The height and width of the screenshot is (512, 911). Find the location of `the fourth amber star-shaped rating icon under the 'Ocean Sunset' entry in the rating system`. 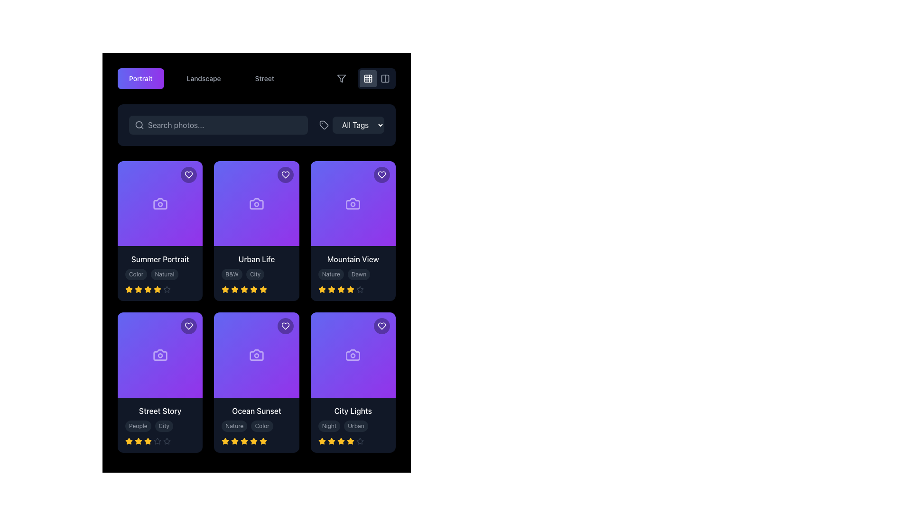

the fourth amber star-shaped rating icon under the 'Ocean Sunset' entry in the rating system is located at coordinates (244, 441).